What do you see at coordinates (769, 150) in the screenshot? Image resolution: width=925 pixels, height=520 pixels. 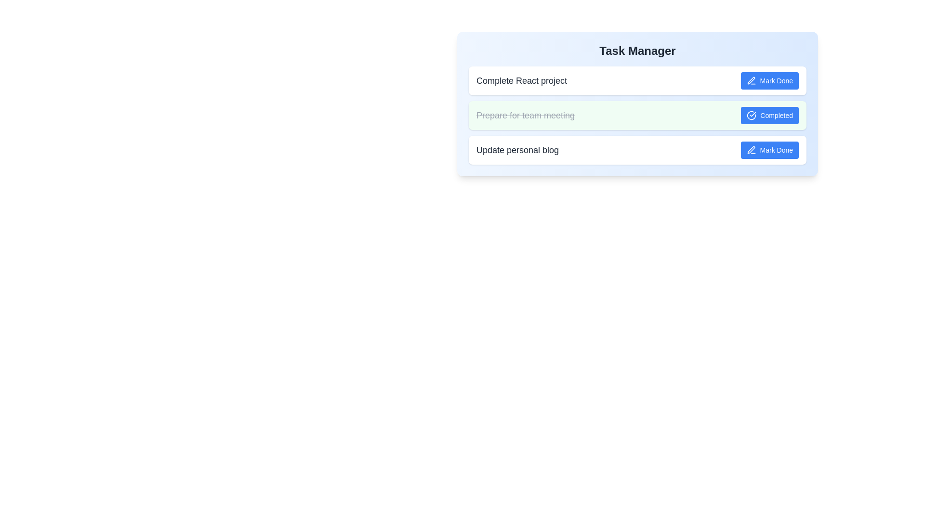 I see `button next to the task labeled 'Update personal blog' to toggle its completion status` at bounding box center [769, 150].